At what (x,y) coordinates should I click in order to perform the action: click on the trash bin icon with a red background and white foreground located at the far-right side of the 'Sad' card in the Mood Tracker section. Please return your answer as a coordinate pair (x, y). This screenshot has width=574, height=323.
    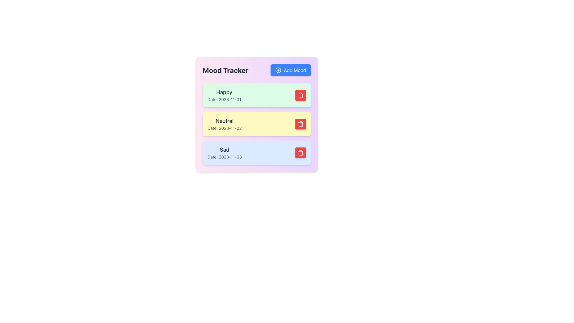
    Looking at the image, I should click on (301, 152).